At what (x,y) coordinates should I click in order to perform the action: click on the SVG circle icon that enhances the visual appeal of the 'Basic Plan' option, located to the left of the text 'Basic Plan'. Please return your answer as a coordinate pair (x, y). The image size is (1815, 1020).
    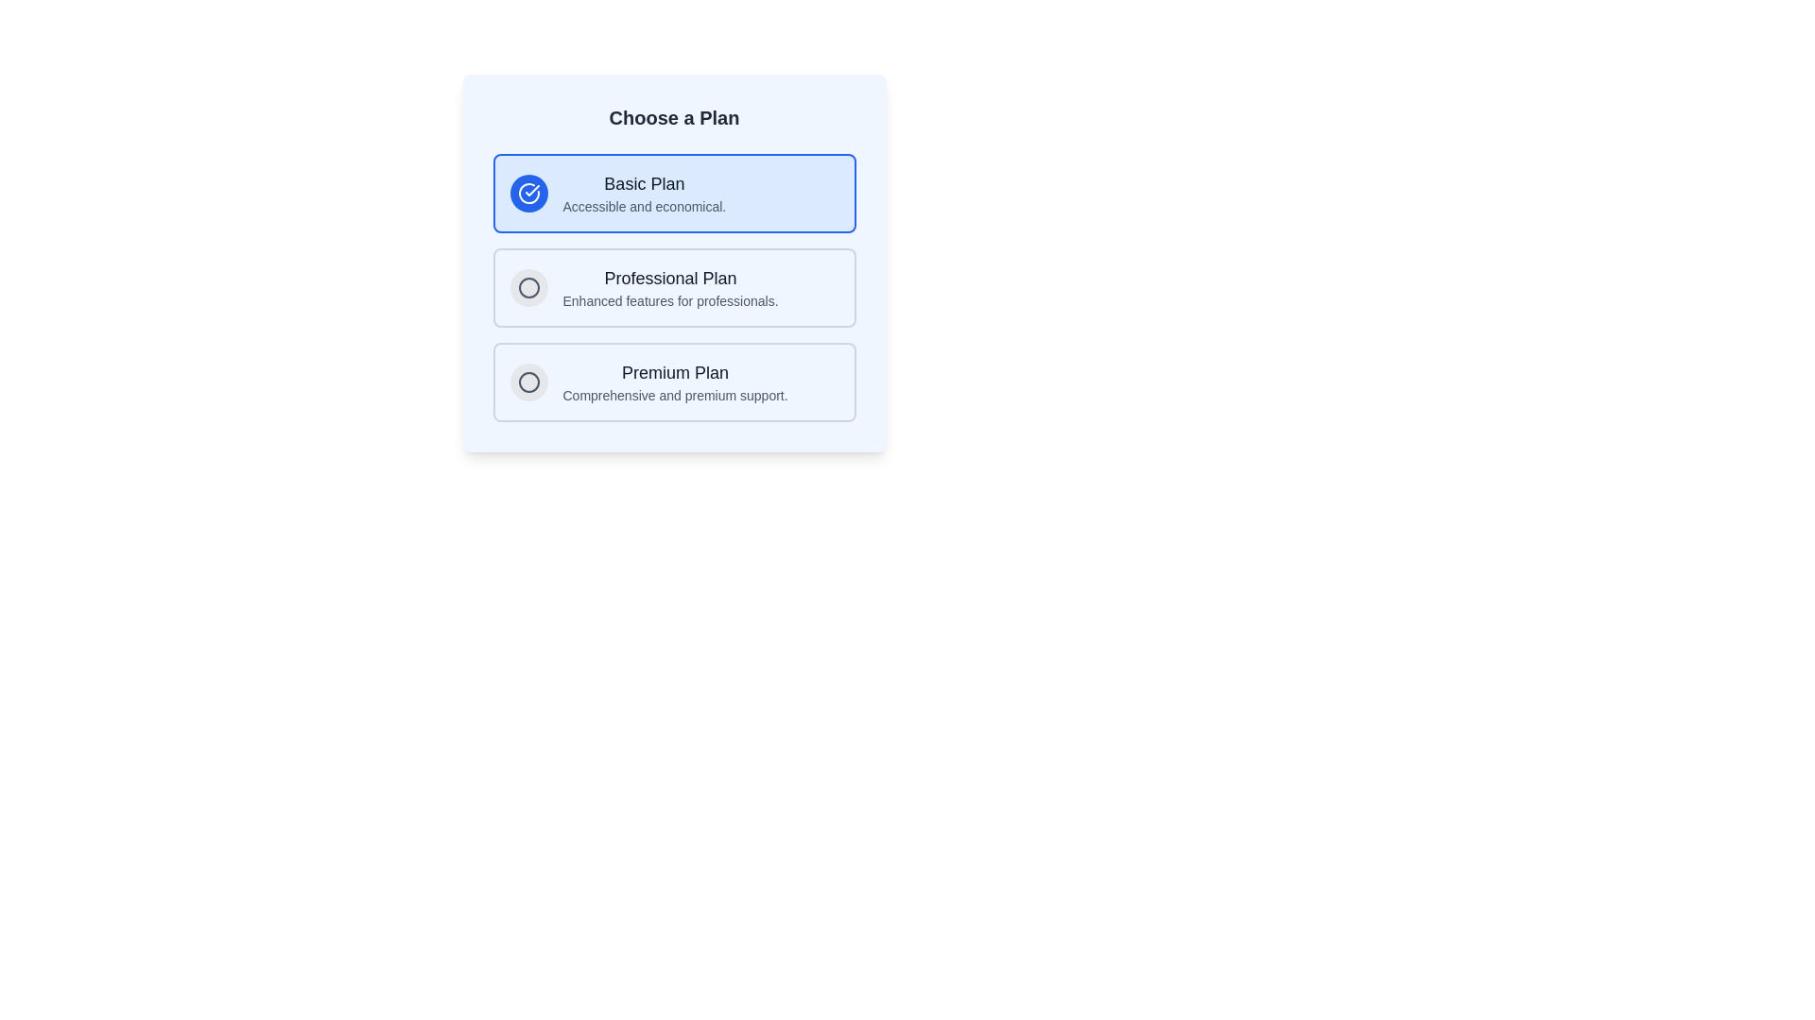
    Looking at the image, I should click on (528, 382).